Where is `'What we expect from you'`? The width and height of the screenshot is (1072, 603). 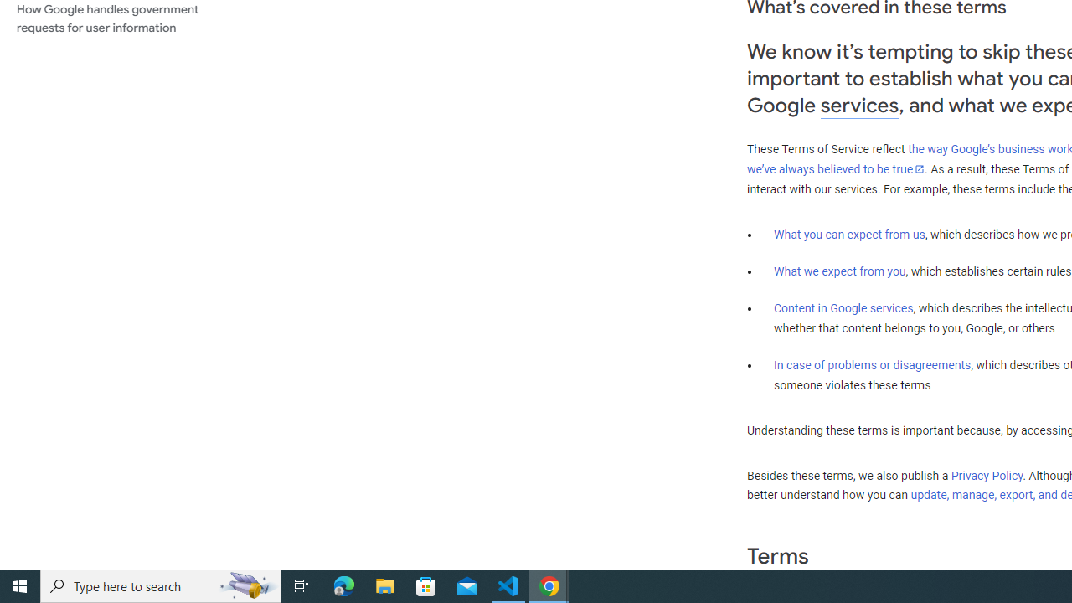
'What we expect from you' is located at coordinates (839, 271).